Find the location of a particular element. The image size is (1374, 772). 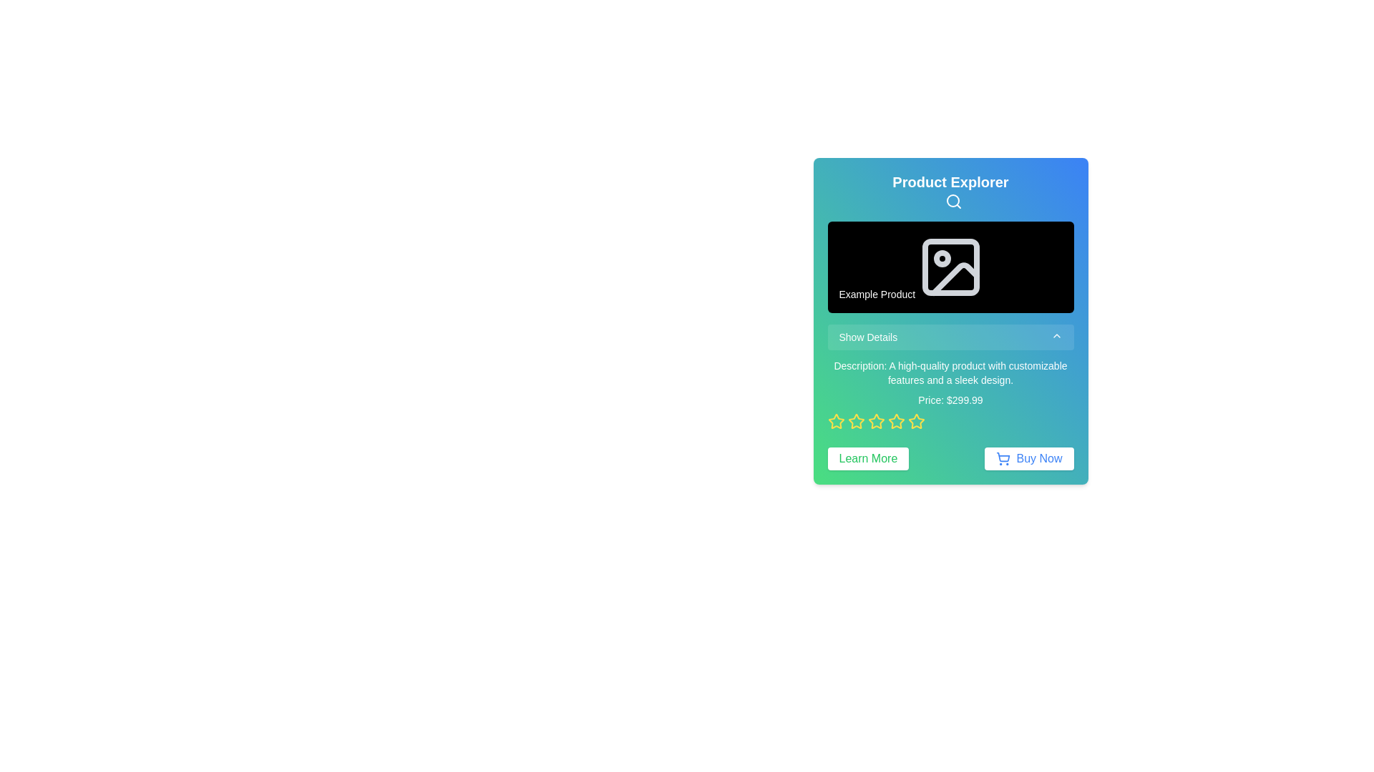

the first Rating Star Icon in the horizontal row of five stars is located at coordinates (836, 420).